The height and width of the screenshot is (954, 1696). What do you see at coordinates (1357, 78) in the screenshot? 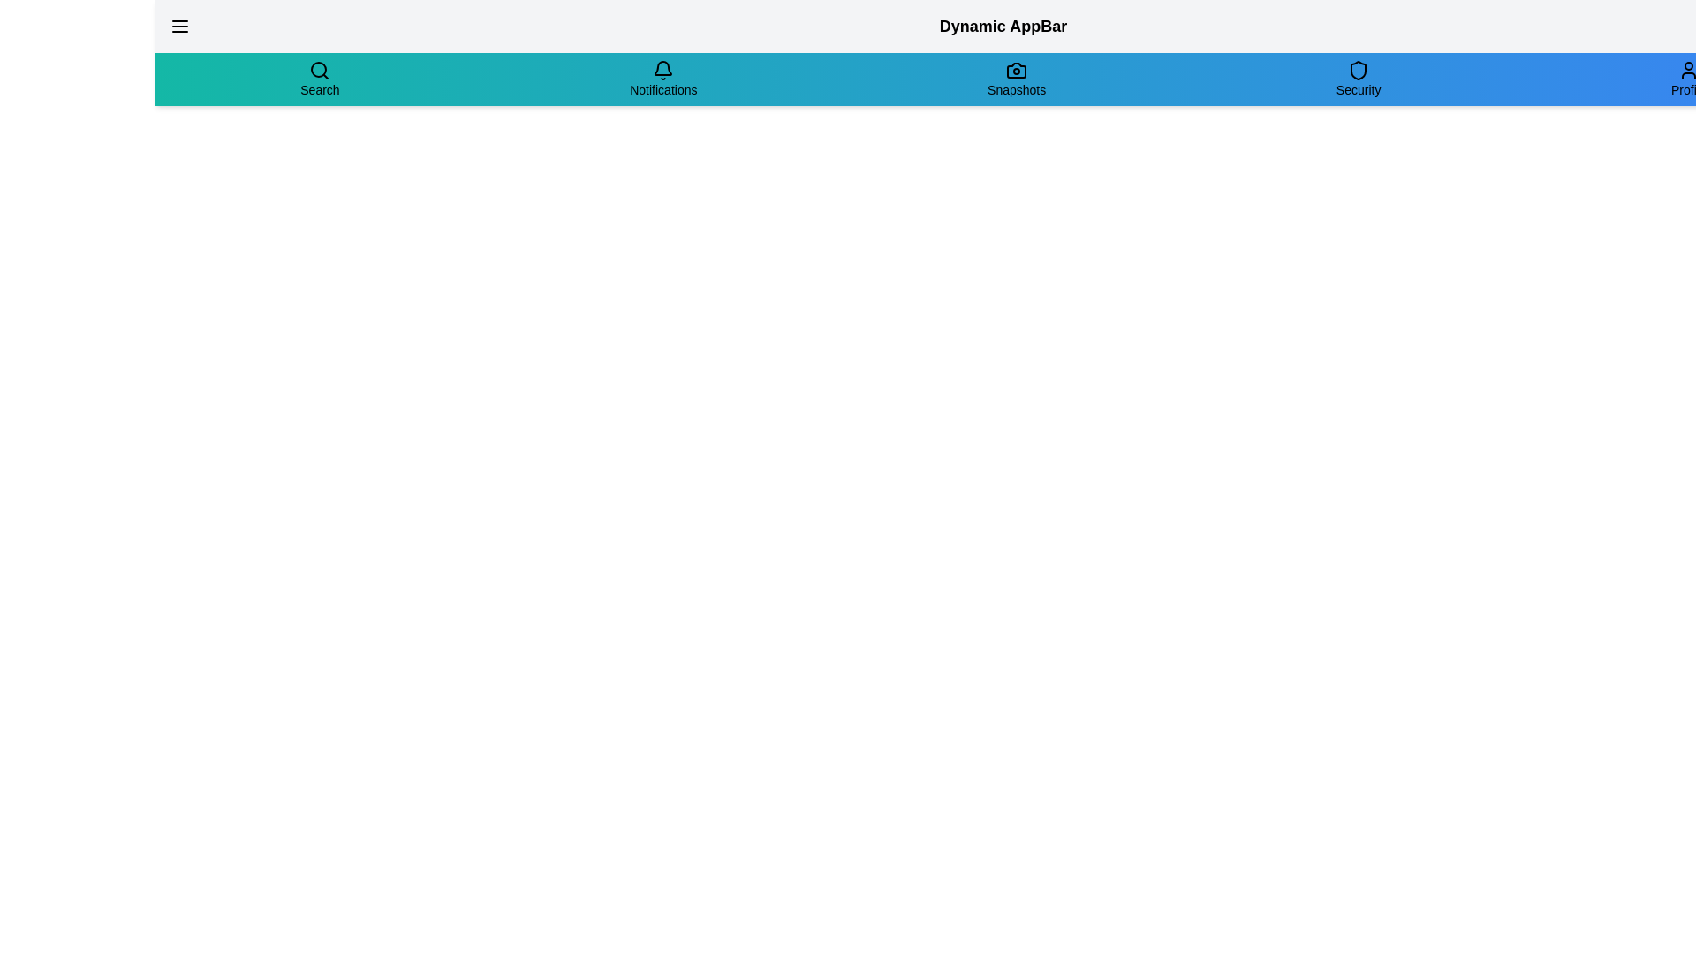
I see `the navigation item labeled Security` at bounding box center [1357, 78].